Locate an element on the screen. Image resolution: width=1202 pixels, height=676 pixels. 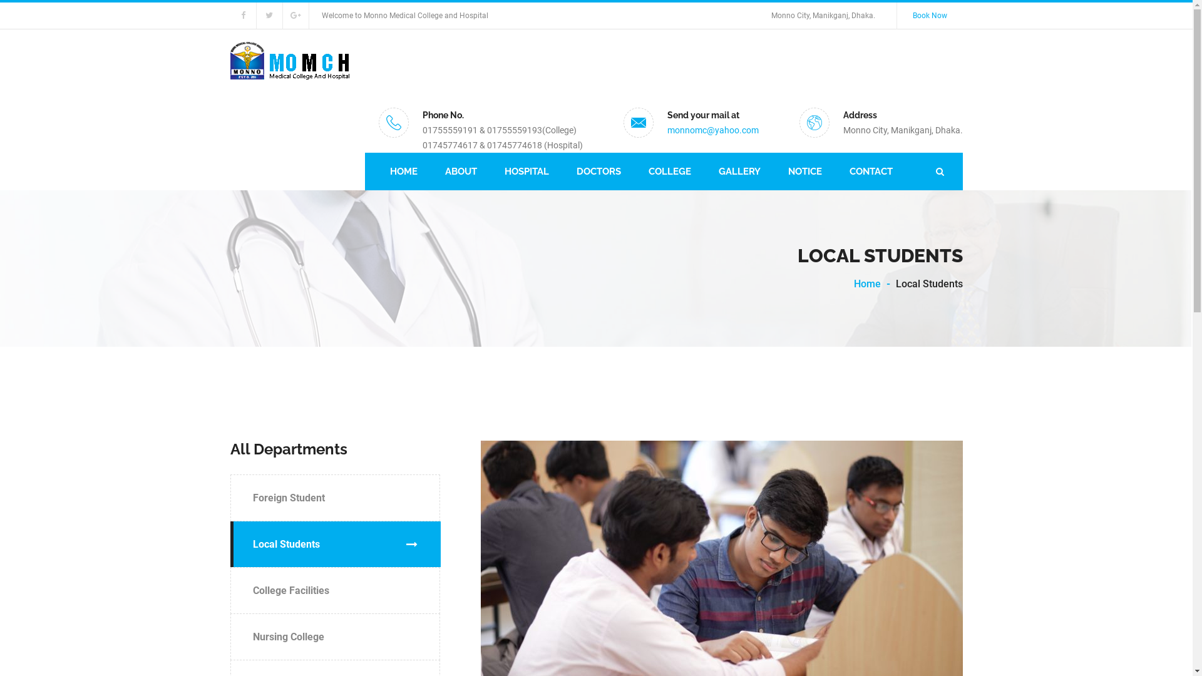
'College Facilities' is located at coordinates (335, 590).